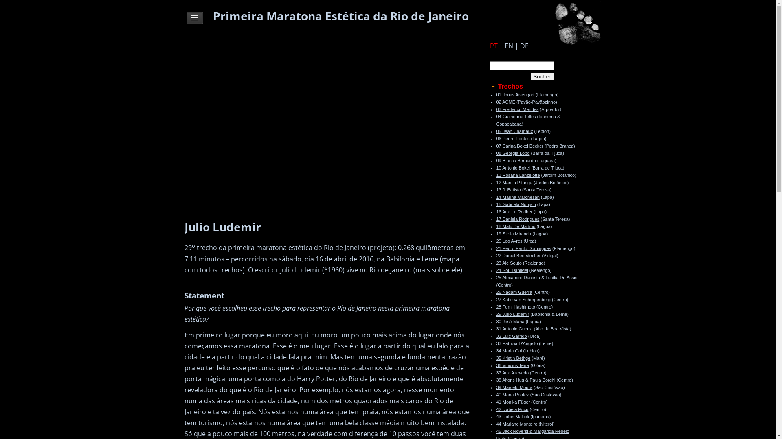  What do you see at coordinates (496, 307) in the screenshot?
I see `'28 Fumi Hashimoto'` at bounding box center [496, 307].